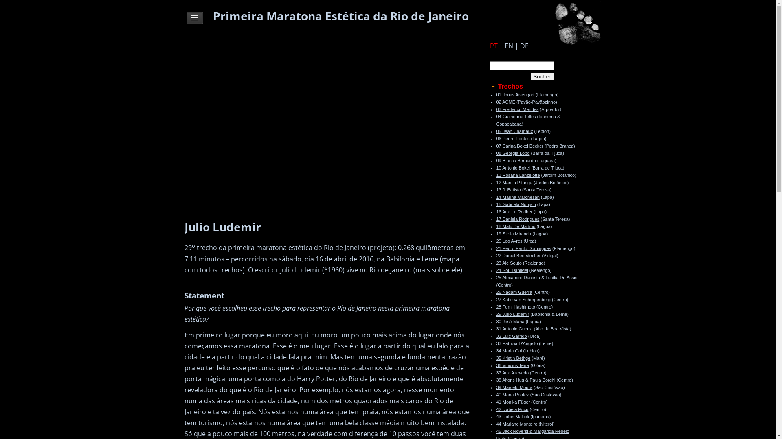  What do you see at coordinates (496, 307) in the screenshot?
I see `'28 Fumi Hashimoto'` at bounding box center [496, 307].